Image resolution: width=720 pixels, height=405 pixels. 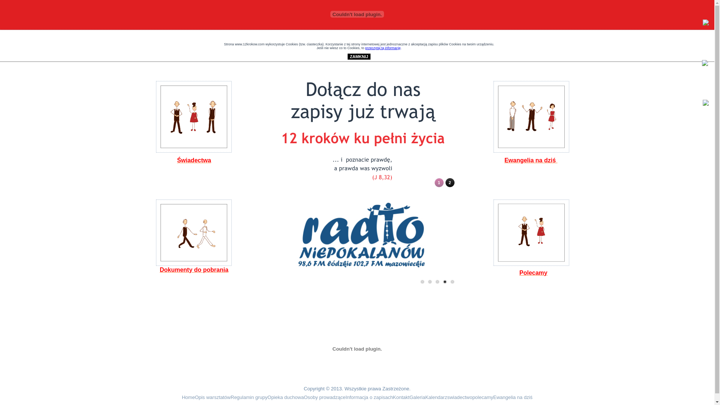 I want to click on 'Kalendarz', so click(x=436, y=397).